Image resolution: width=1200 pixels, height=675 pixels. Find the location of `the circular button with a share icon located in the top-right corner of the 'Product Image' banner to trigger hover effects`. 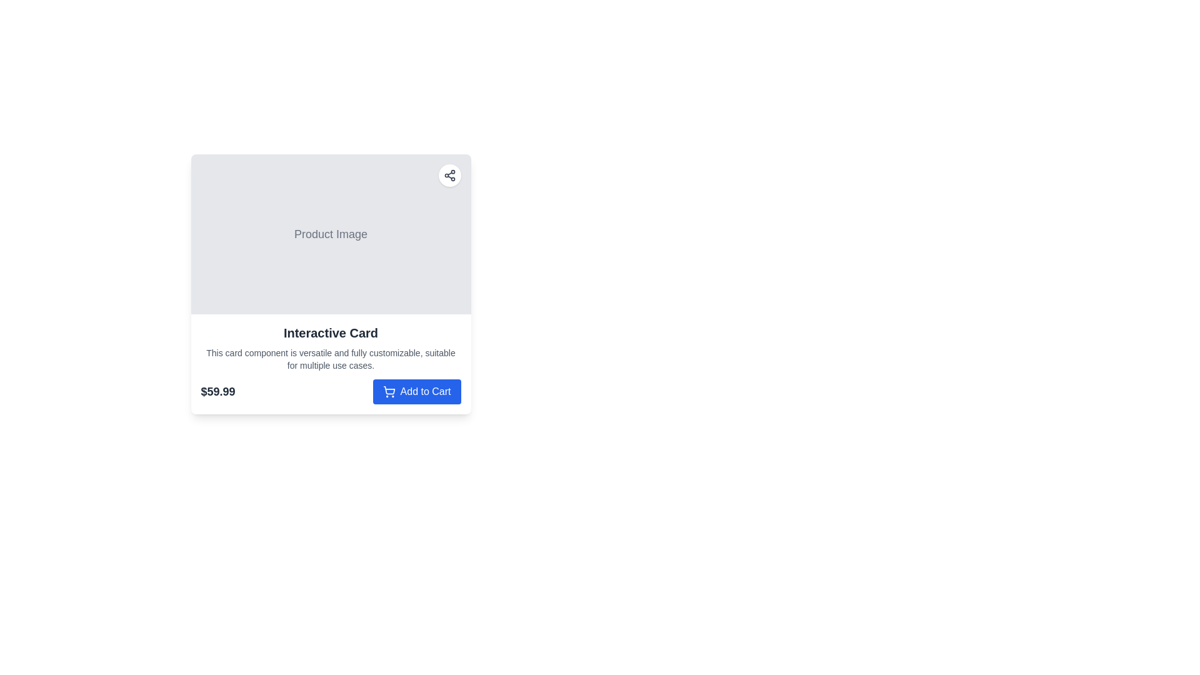

the circular button with a share icon located in the top-right corner of the 'Product Image' banner to trigger hover effects is located at coordinates (449, 176).